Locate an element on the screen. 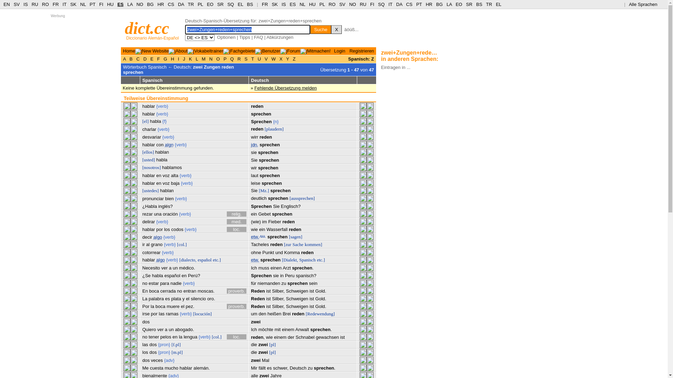  'NL' is located at coordinates (80, 4).